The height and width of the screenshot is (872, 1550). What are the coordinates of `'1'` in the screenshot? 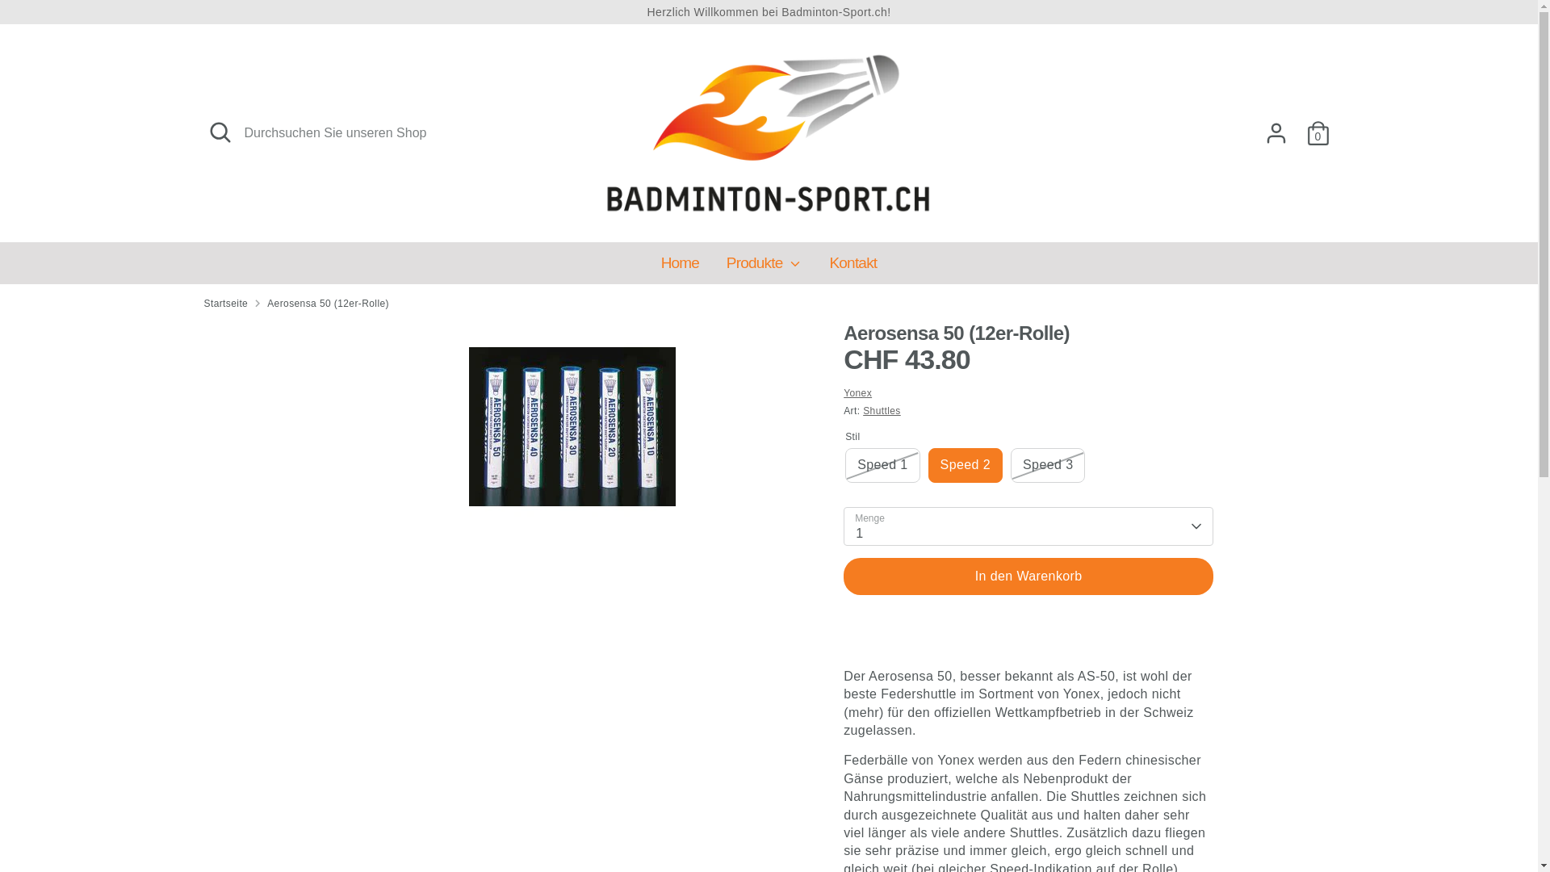 It's located at (1027, 526).